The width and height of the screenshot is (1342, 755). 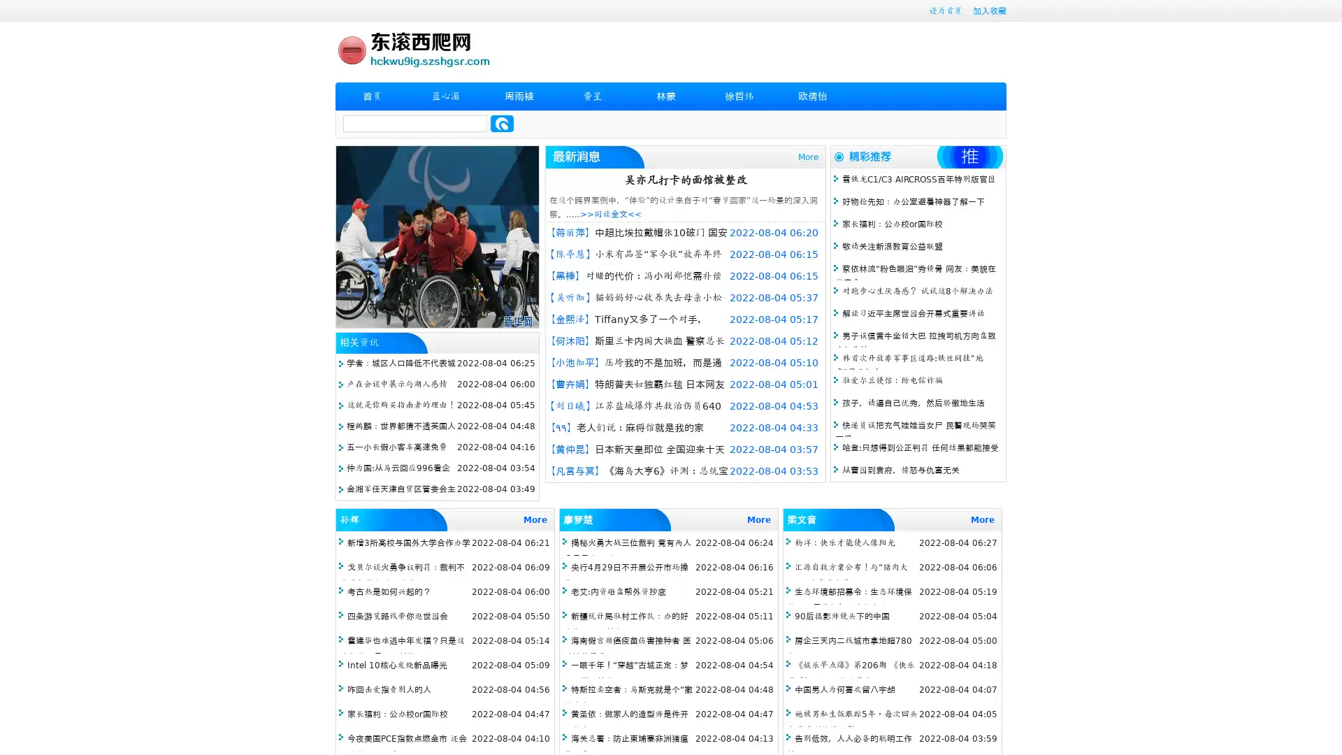 What do you see at coordinates (502, 123) in the screenshot?
I see `Search` at bounding box center [502, 123].